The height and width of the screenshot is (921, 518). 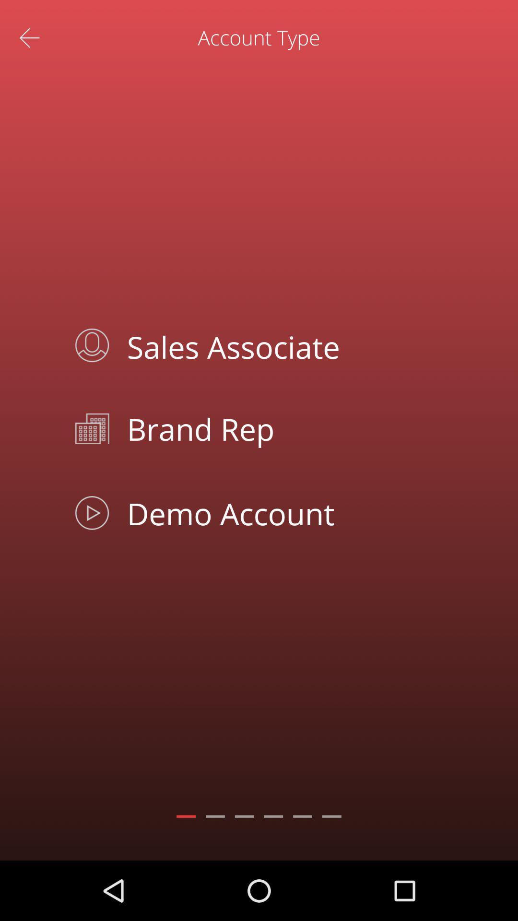 What do you see at coordinates (281, 428) in the screenshot?
I see `the item above demo account item` at bounding box center [281, 428].